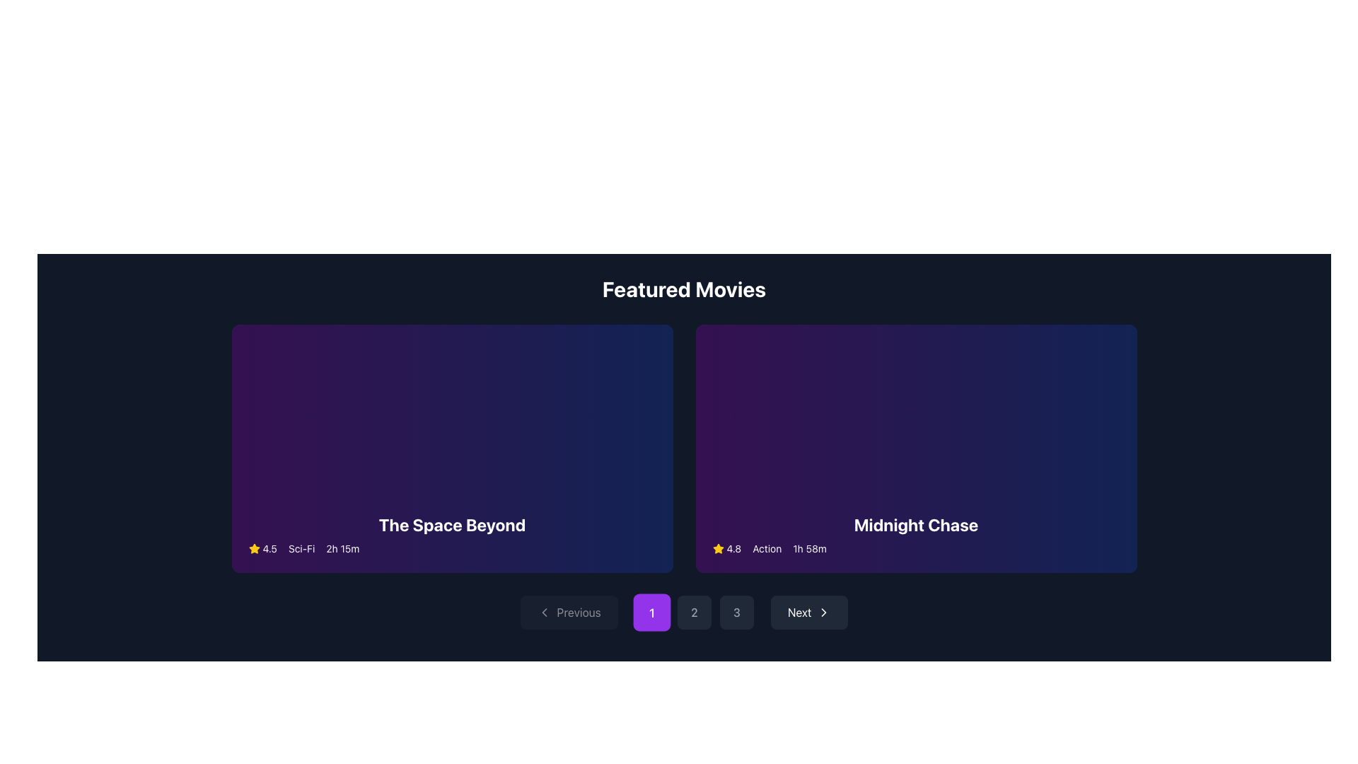 Image resolution: width=1358 pixels, height=764 pixels. What do you see at coordinates (824, 612) in the screenshot?
I see `the rightward chevron arrow icon within the 'Next' button located at the bottom right of the movie gallery interface` at bounding box center [824, 612].